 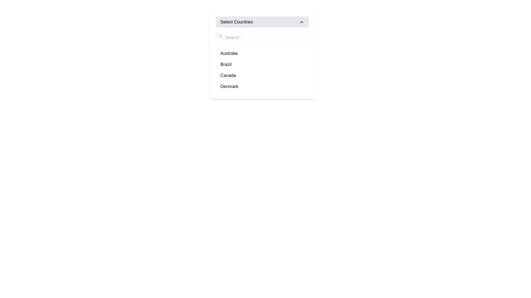 I want to click on the 'Brazil' option in the dropdown menu to activate it for selection, so click(x=226, y=64).